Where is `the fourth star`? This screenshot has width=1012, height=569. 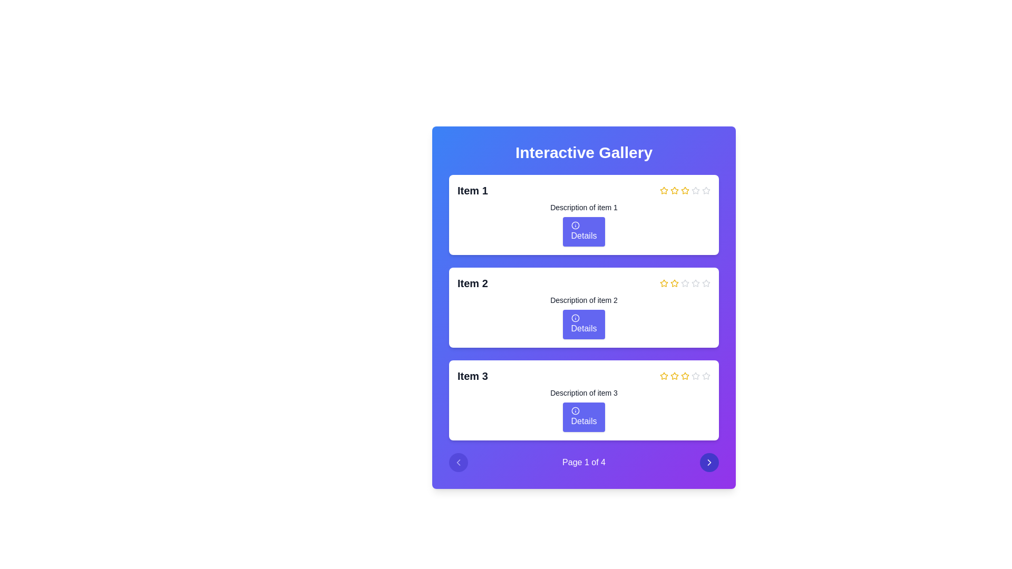 the fourth star is located at coordinates (685, 282).